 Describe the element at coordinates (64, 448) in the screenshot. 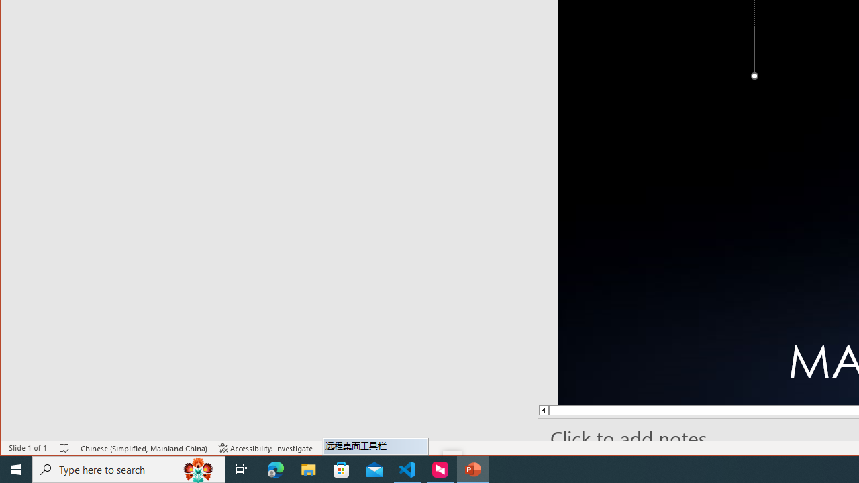

I see `'Spell Check No Errors'` at that location.